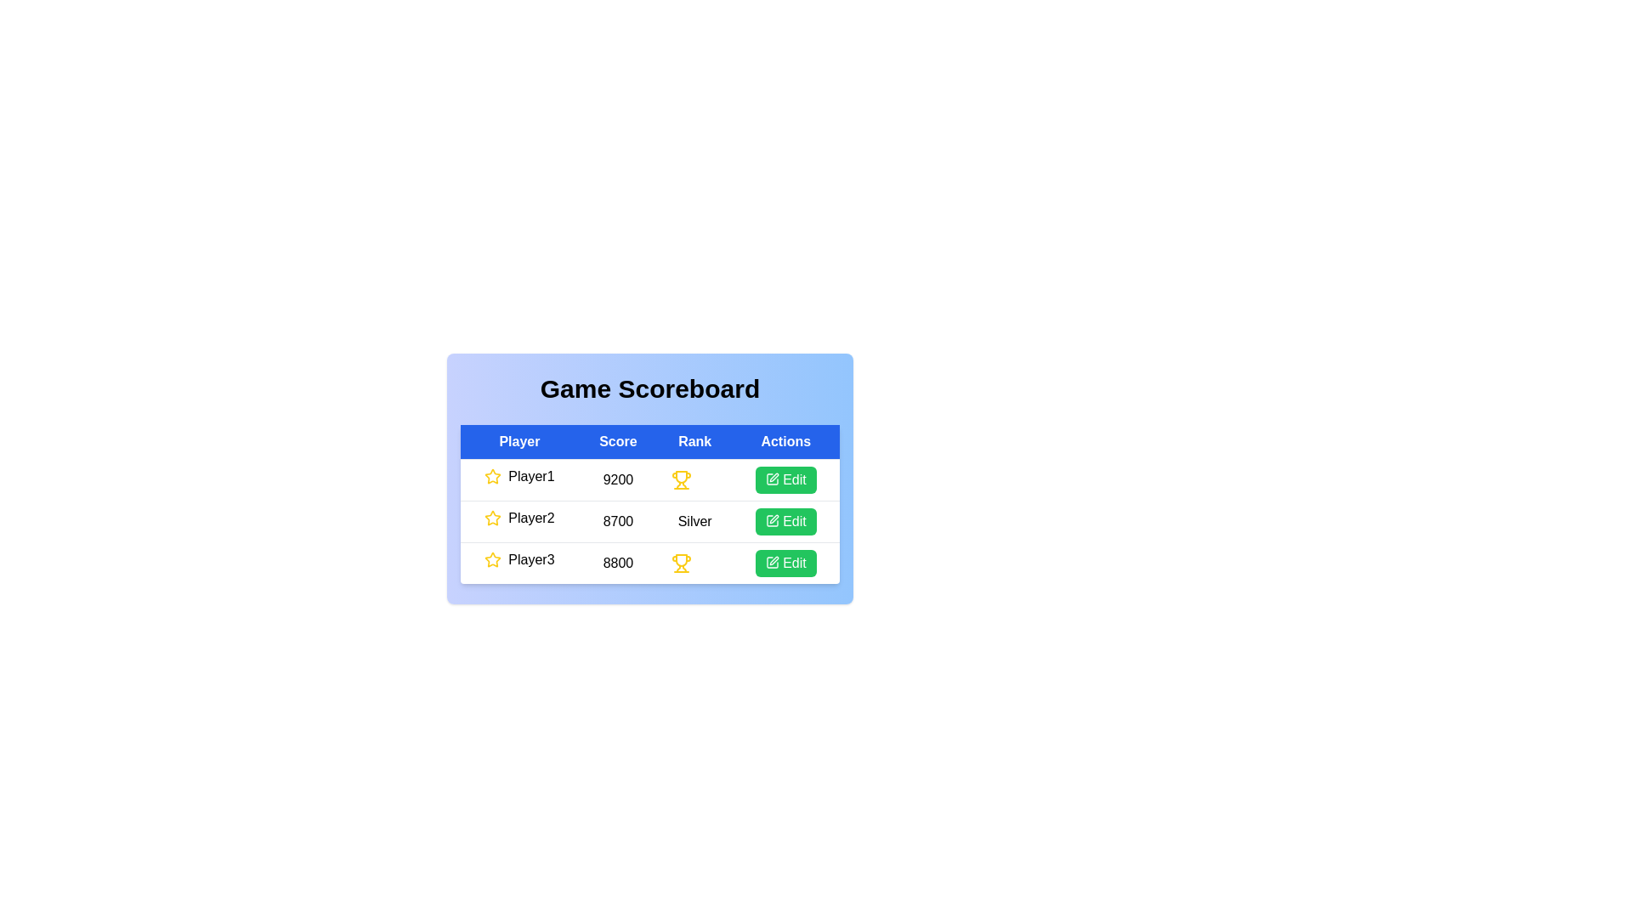 The height and width of the screenshot is (918, 1632). I want to click on the background gradient area for inspection, so click(649, 479).